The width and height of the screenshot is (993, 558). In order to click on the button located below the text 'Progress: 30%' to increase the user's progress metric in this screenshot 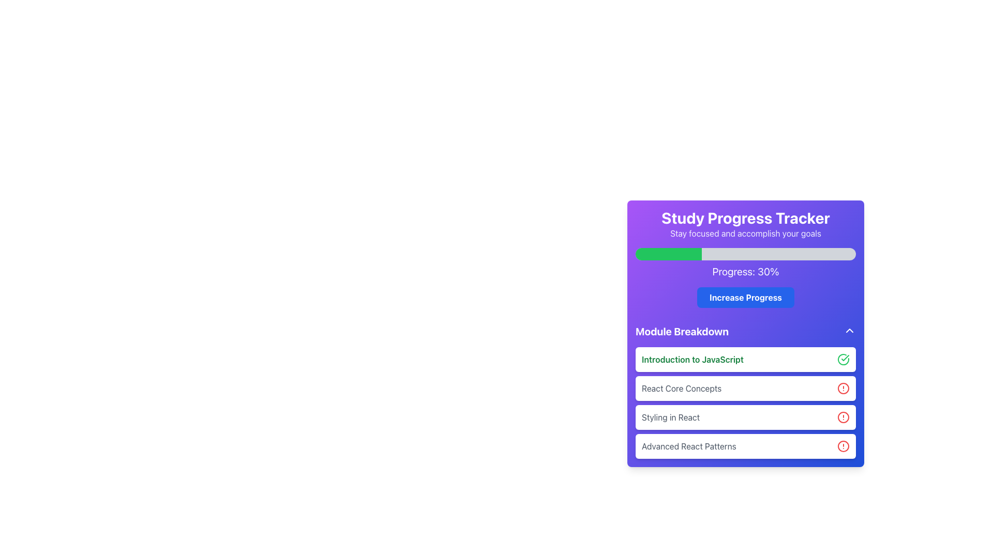, I will do `click(745, 297)`.